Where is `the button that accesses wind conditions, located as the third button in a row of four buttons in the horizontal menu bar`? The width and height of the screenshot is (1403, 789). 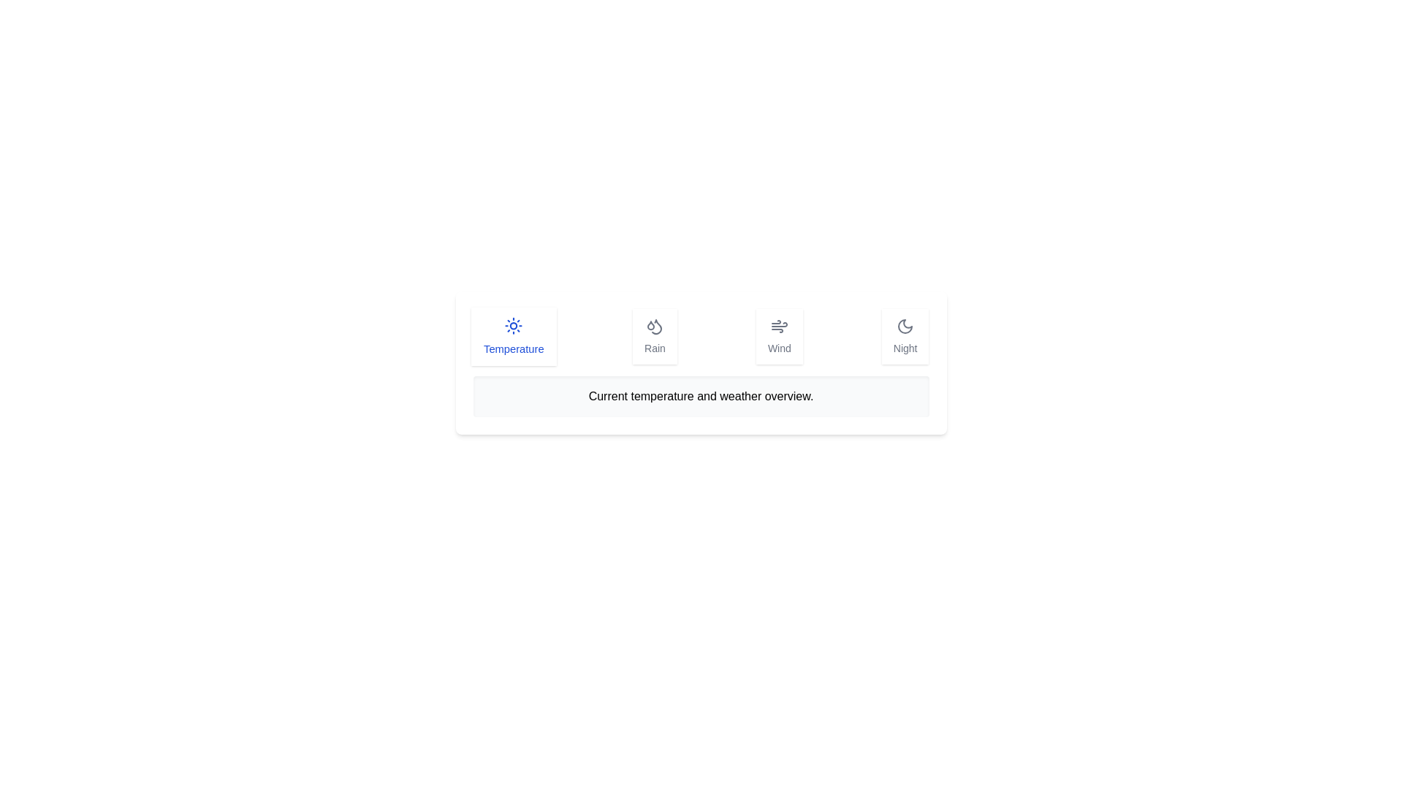
the button that accesses wind conditions, located as the third button in a row of four buttons in the horizontal menu bar is located at coordinates (778, 337).